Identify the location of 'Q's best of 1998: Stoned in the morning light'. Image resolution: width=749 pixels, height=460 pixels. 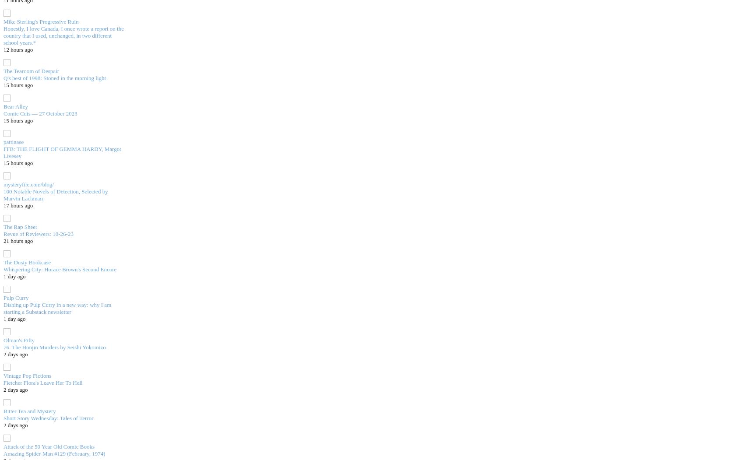
(54, 77).